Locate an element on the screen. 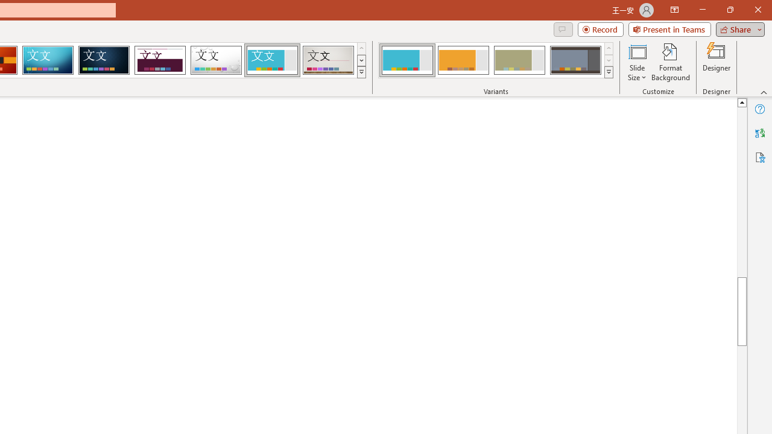 This screenshot has width=772, height=434. 'Dividend' is located at coordinates (159, 60).